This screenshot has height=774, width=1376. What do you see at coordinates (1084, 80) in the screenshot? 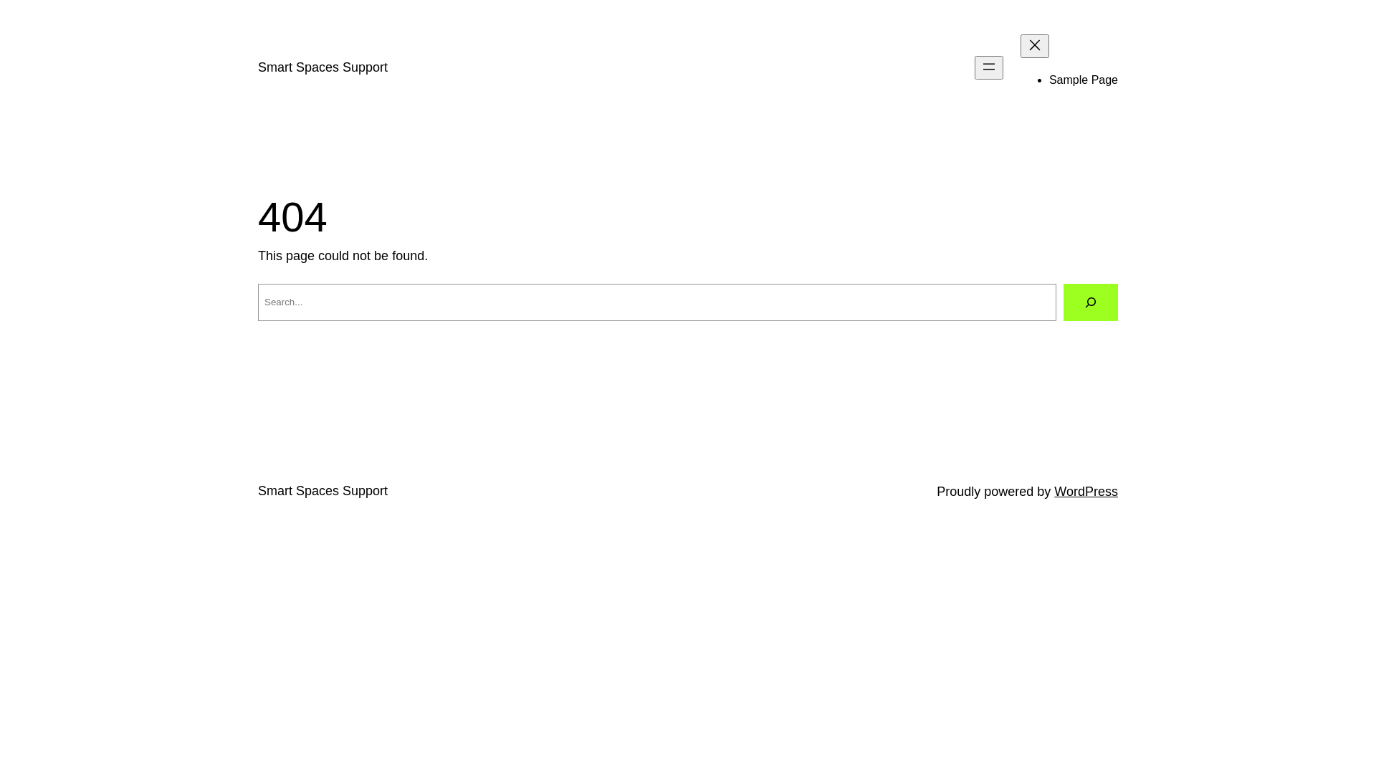
I see `'Sample Page'` at bounding box center [1084, 80].